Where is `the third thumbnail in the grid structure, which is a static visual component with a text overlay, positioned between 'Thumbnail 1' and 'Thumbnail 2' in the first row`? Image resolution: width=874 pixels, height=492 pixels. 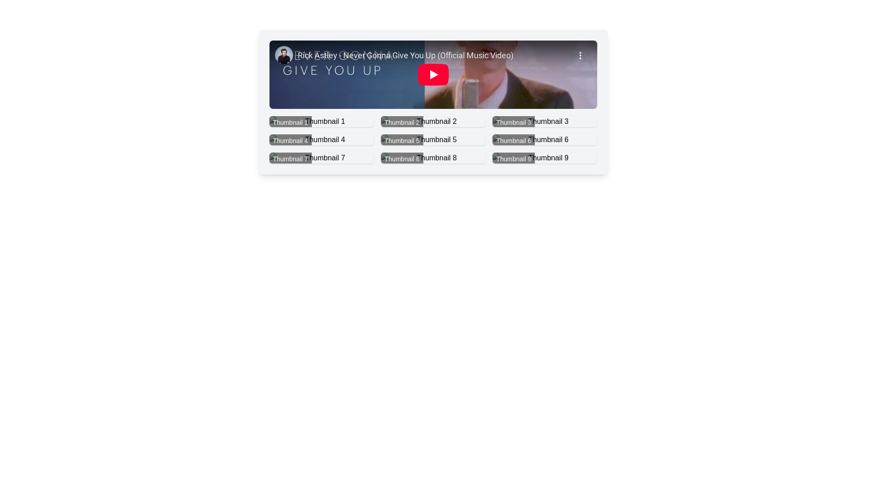
the third thumbnail in the grid structure, which is a static visual component with a text overlay, positioned between 'Thumbnail 1' and 'Thumbnail 2' in the first row is located at coordinates (544, 121).